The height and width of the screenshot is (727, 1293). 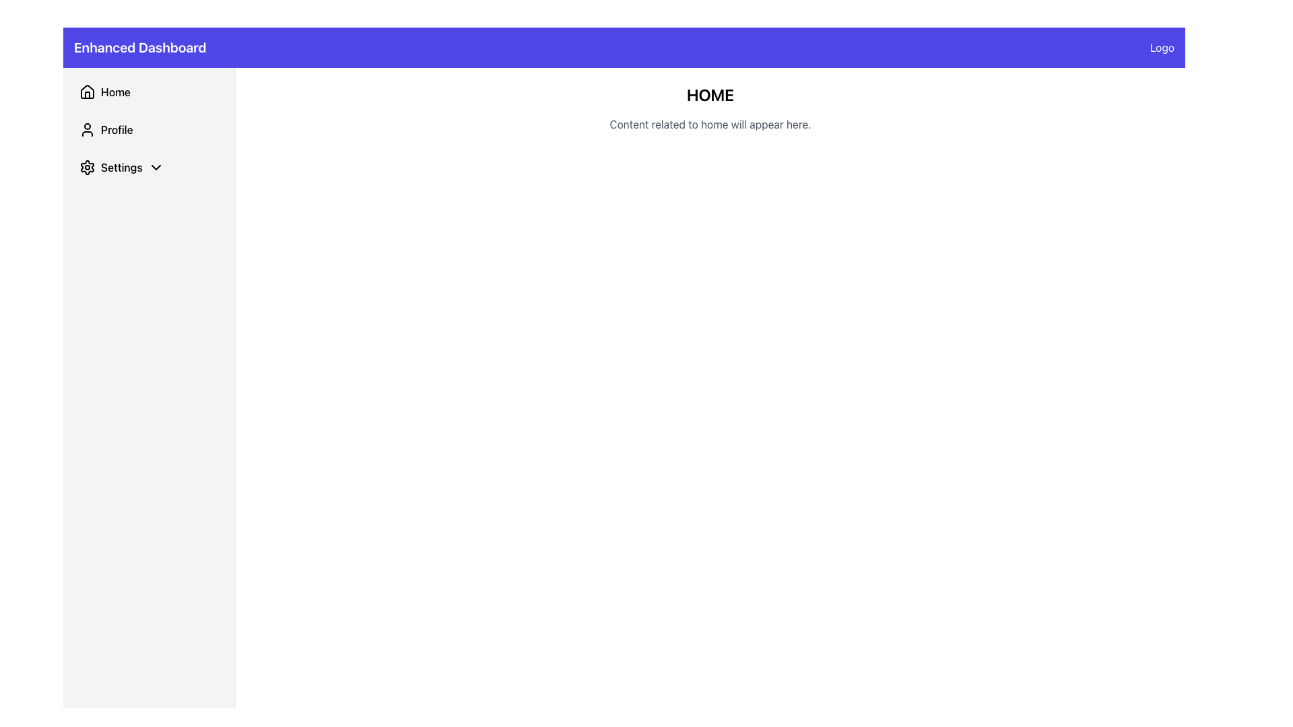 What do you see at coordinates (86, 167) in the screenshot?
I see `the 'Settings' icon located on the left-hand navigation bar` at bounding box center [86, 167].